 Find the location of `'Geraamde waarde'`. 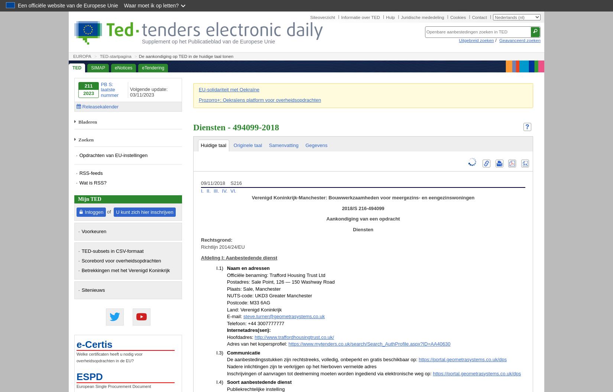

'Geraamde waarde' is located at coordinates (226, 161).